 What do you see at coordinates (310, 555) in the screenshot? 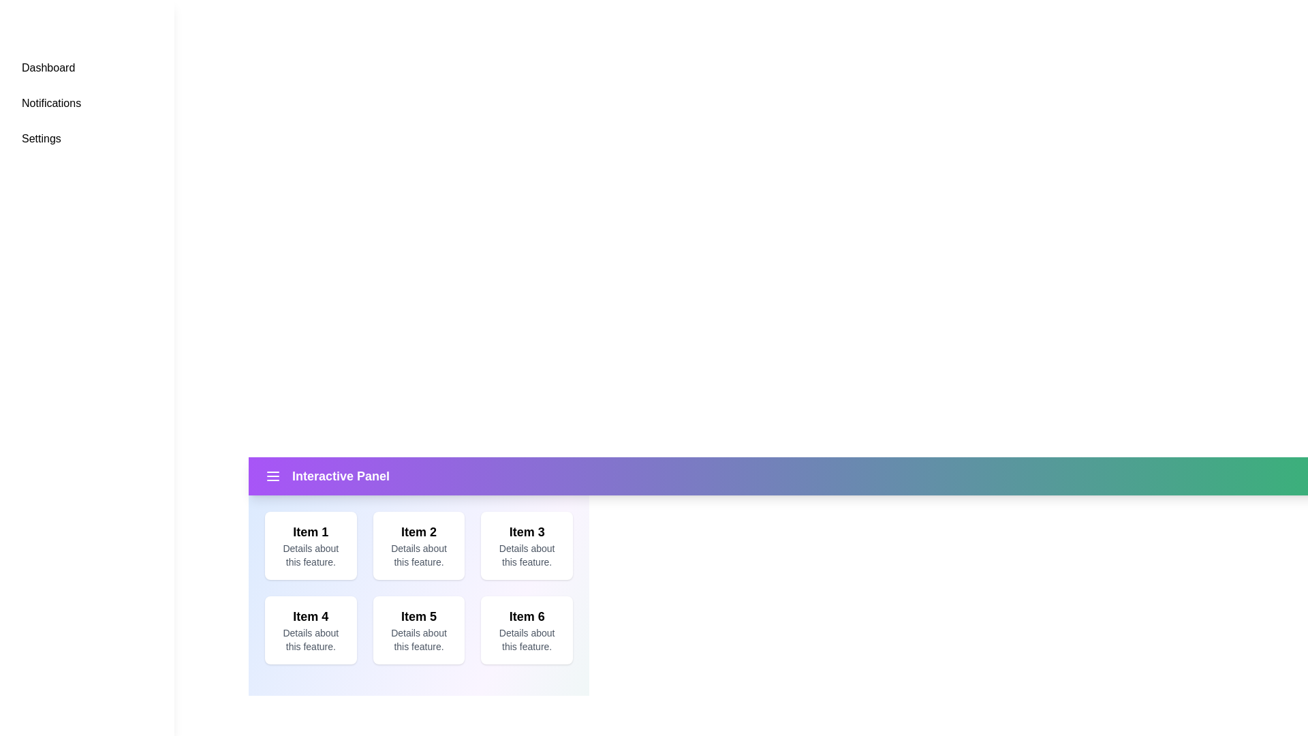
I see `text label displaying 'Details about this feature.' located in the second line of the 'Item 1' card in the grid layout` at bounding box center [310, 555].